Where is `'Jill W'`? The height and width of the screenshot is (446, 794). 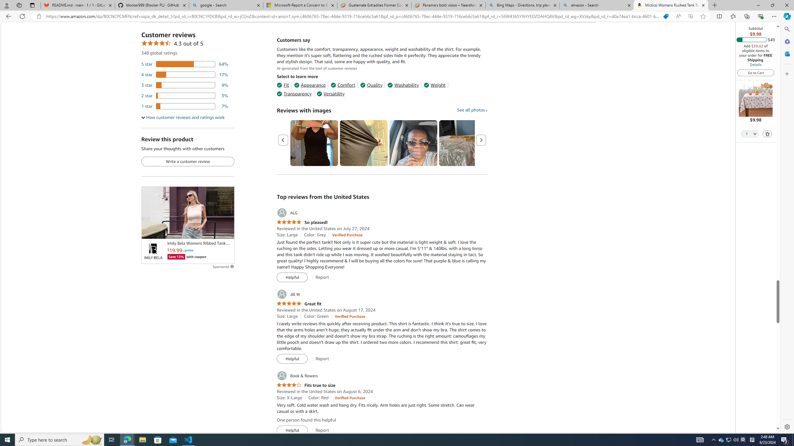 'Jill W' is located at coordinates (288, 294).